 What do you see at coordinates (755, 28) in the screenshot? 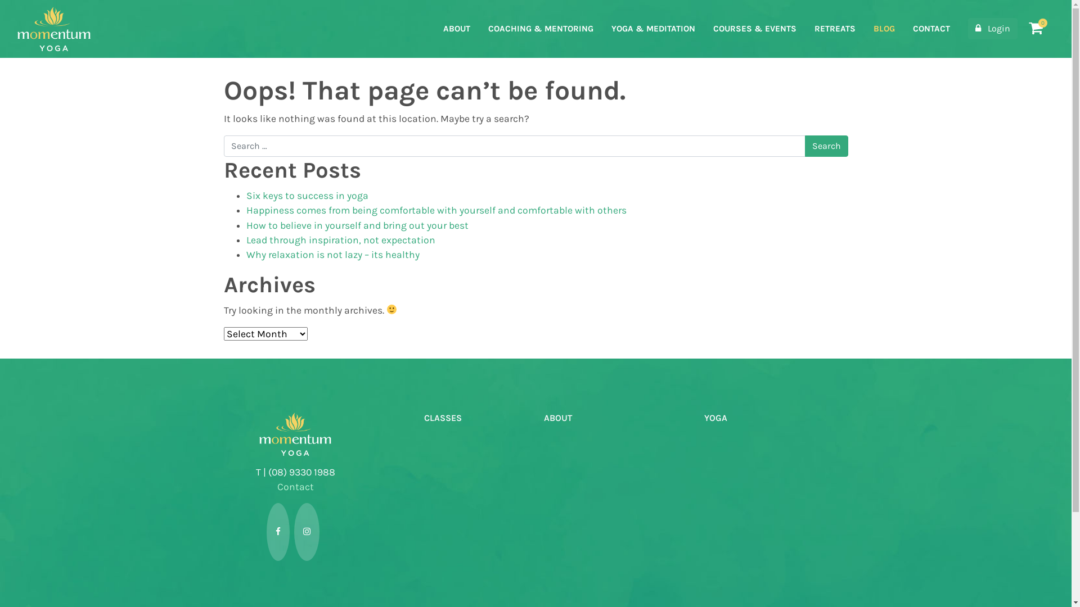
I see `'COURSES & EVENTS'` at bounding box center [755, 28].